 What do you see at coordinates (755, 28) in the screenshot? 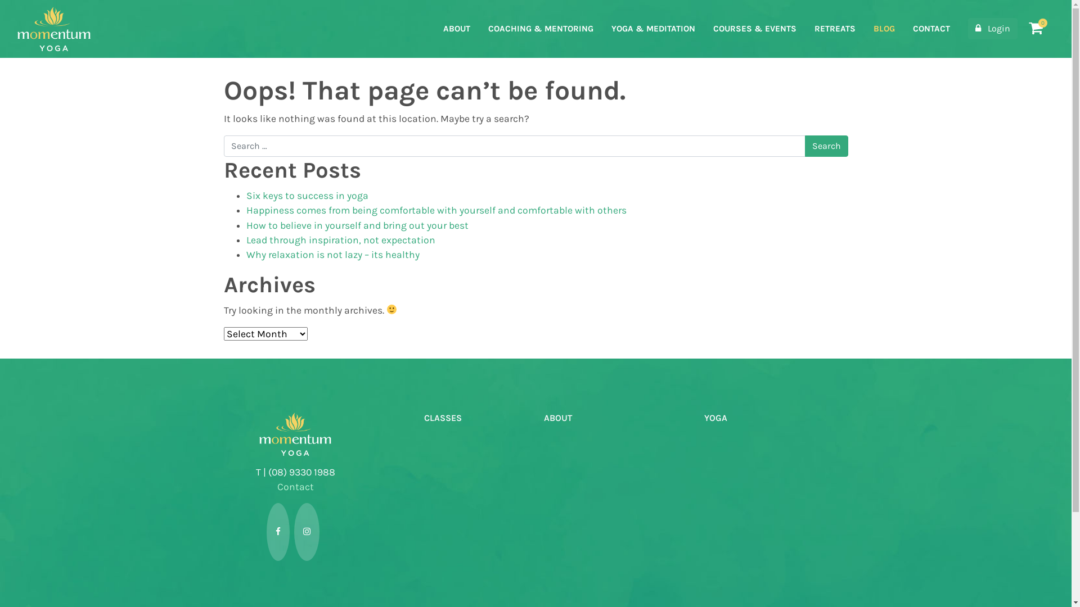
I see `'COURSES & EVENTS'` at bounding box center [755, 28].